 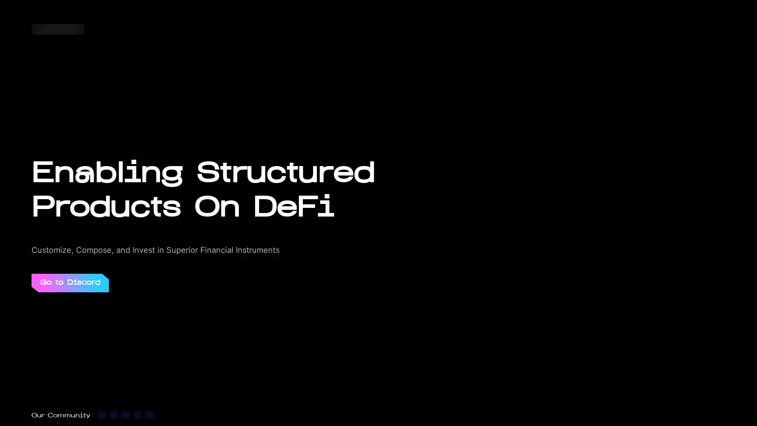 I want to click on Go to Discord, so click(x=70, y=282).